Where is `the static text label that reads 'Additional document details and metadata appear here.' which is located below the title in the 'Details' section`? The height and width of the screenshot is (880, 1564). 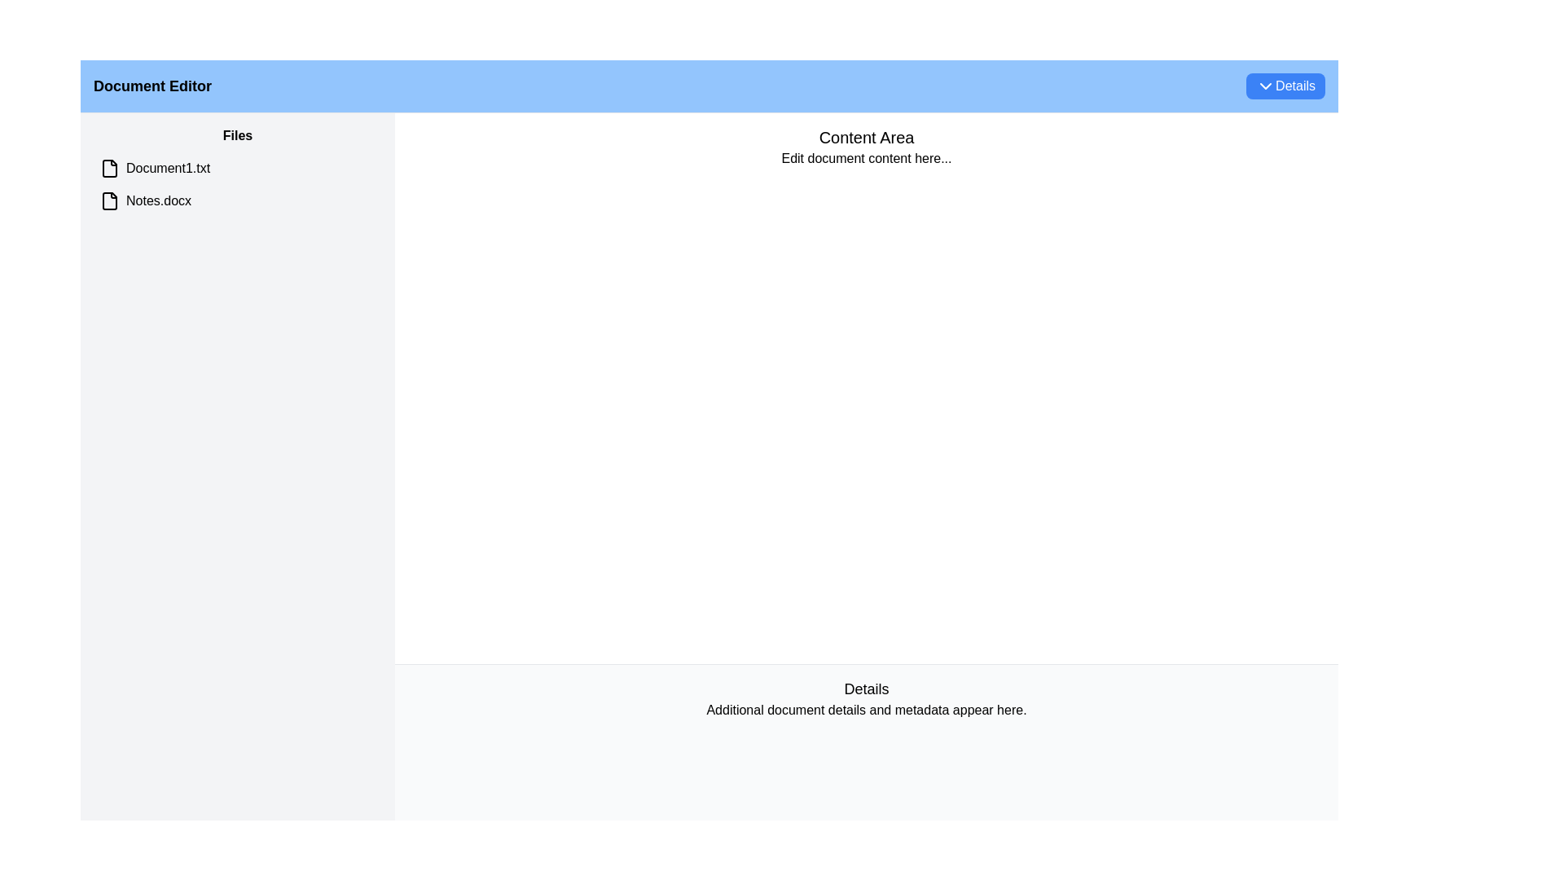 the static text label that reads 'Additional document details and metadata appear here.' which is located below the title in the 'Details' section is located at coordinates (866, 709).